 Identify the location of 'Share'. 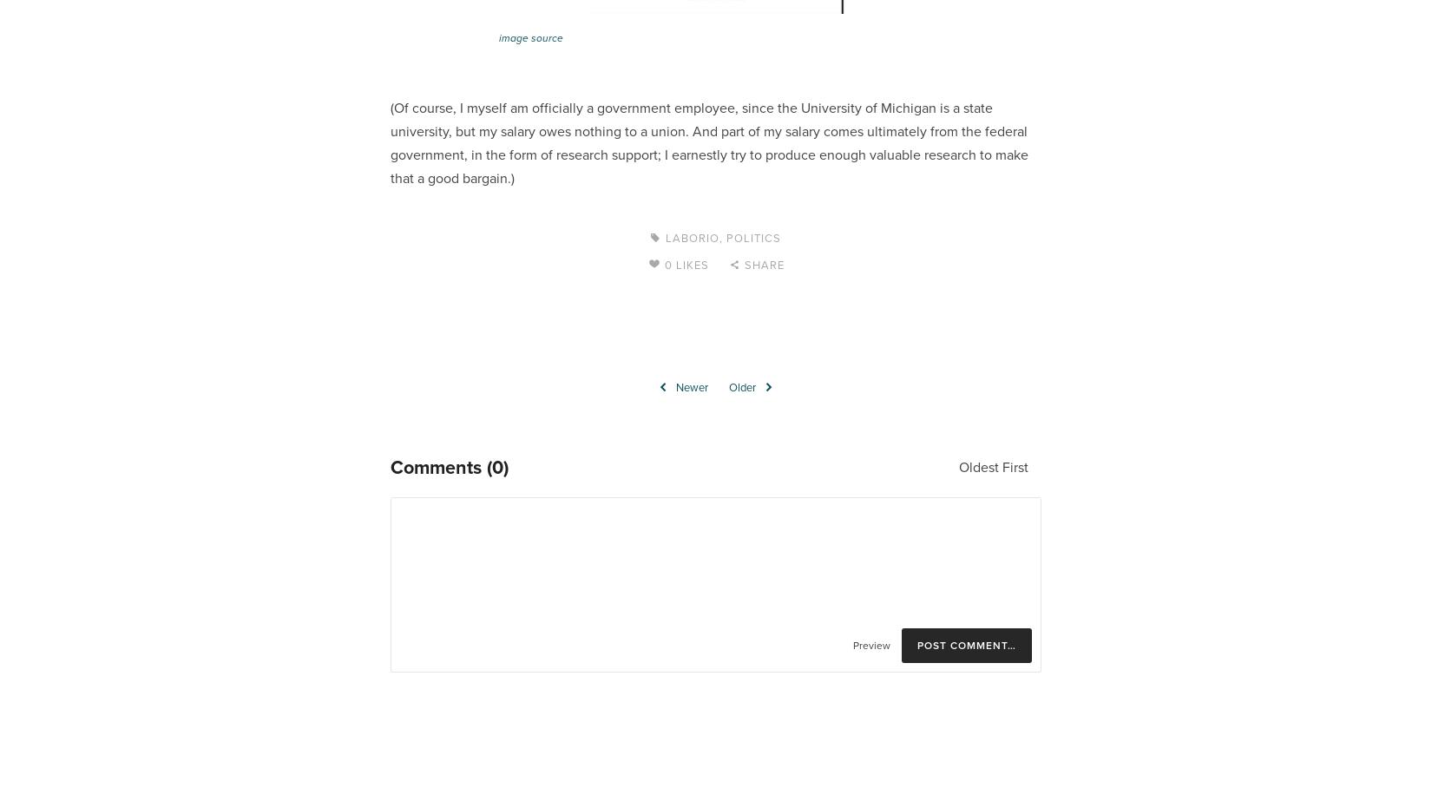
(763, 265).